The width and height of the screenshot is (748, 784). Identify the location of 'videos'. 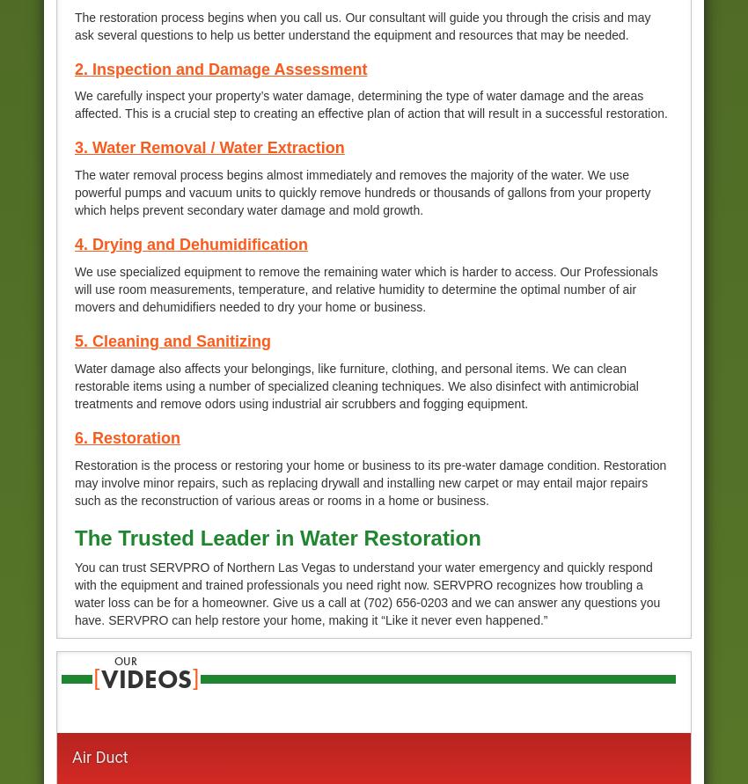
(145, 678).